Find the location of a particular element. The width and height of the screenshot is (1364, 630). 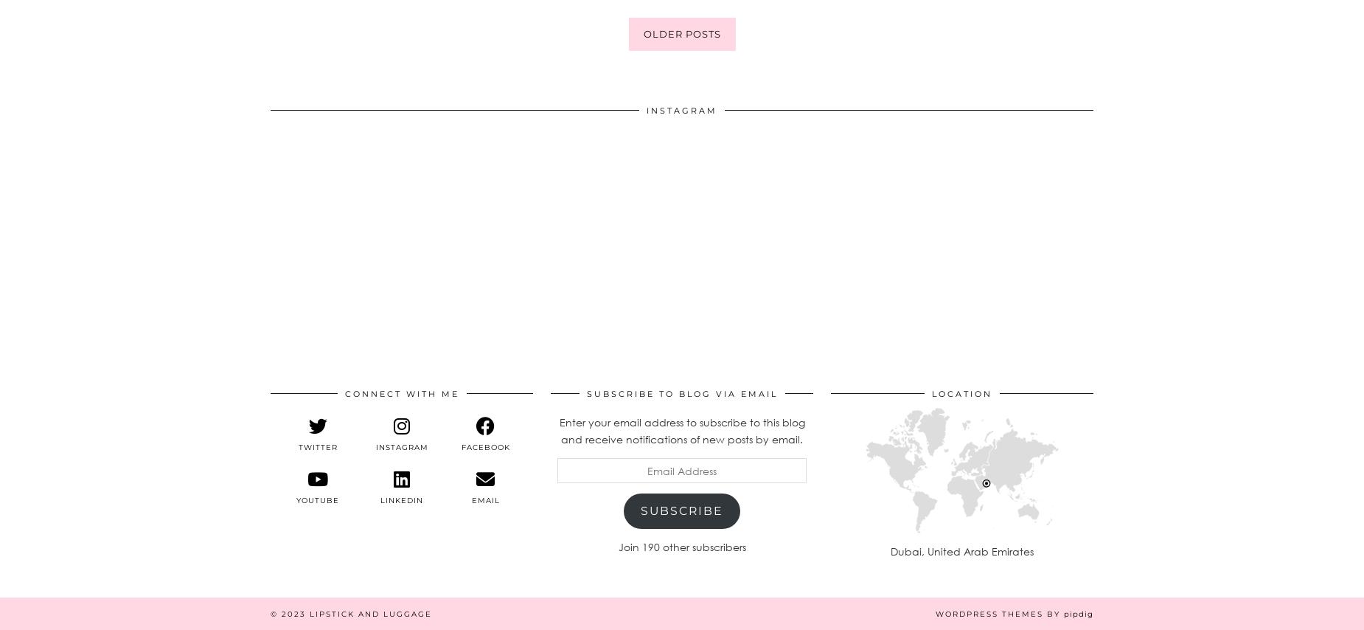

'YouTube' is located at coordinates (317, 499).